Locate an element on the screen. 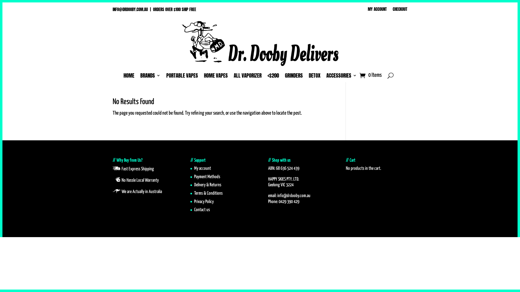  'SMAKE-THE-FLY'N-DOCTOR MASTER' is located at coordinates (260, 43).